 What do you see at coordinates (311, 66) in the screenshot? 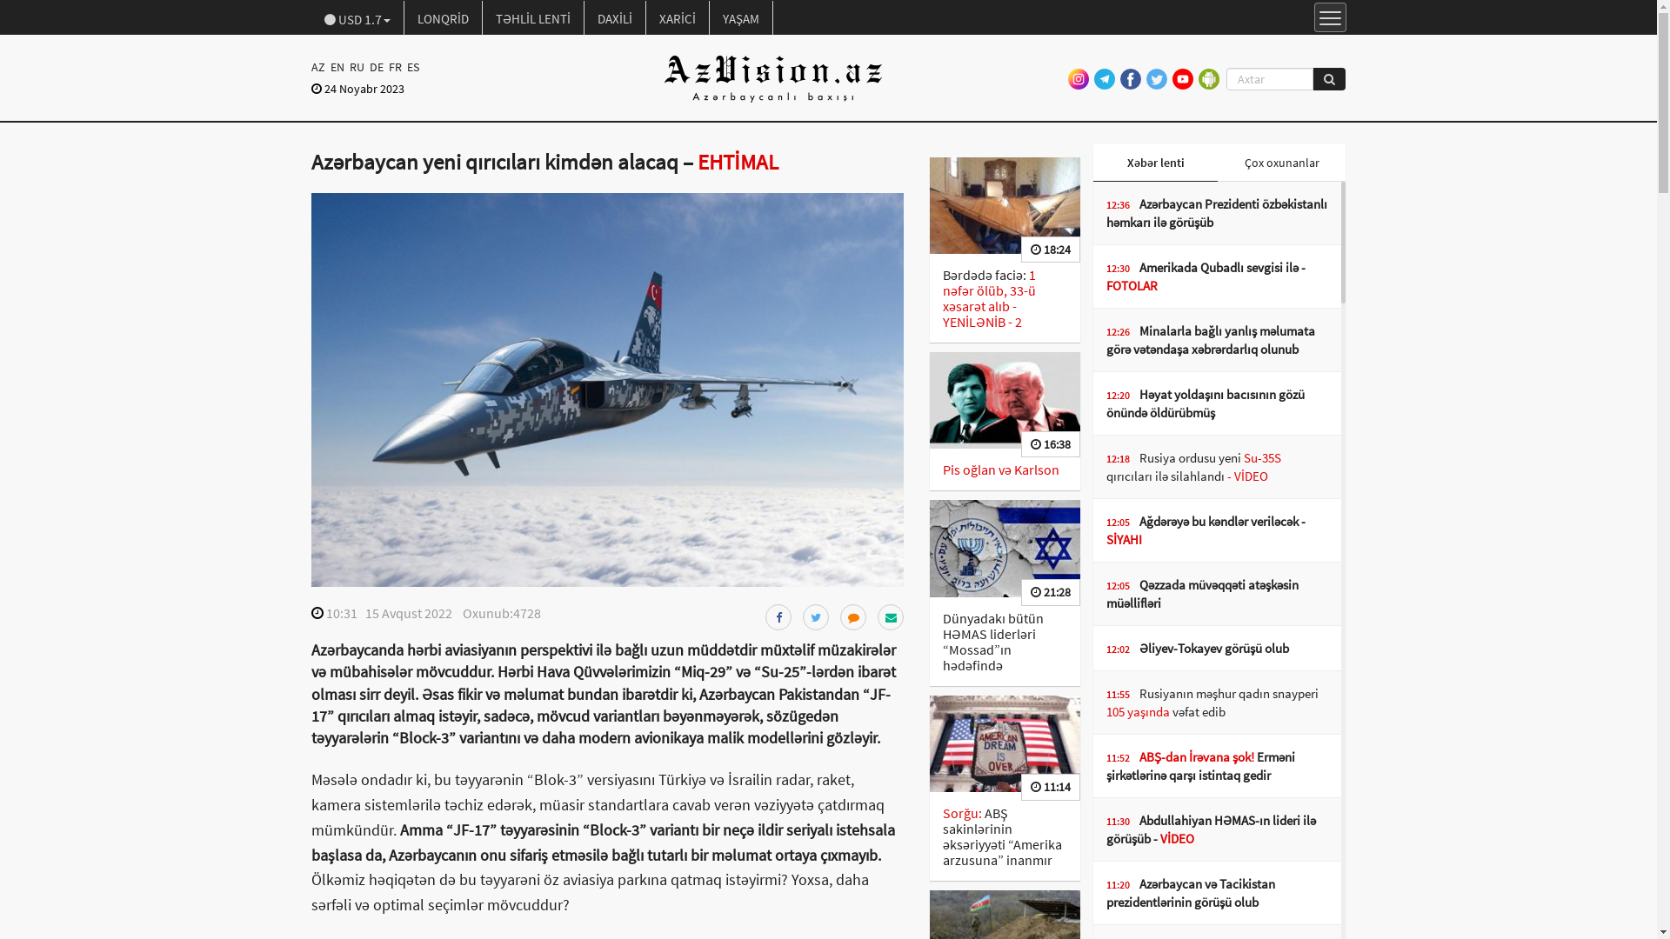
I see `'AZ'` at bounding box center [311, 66].